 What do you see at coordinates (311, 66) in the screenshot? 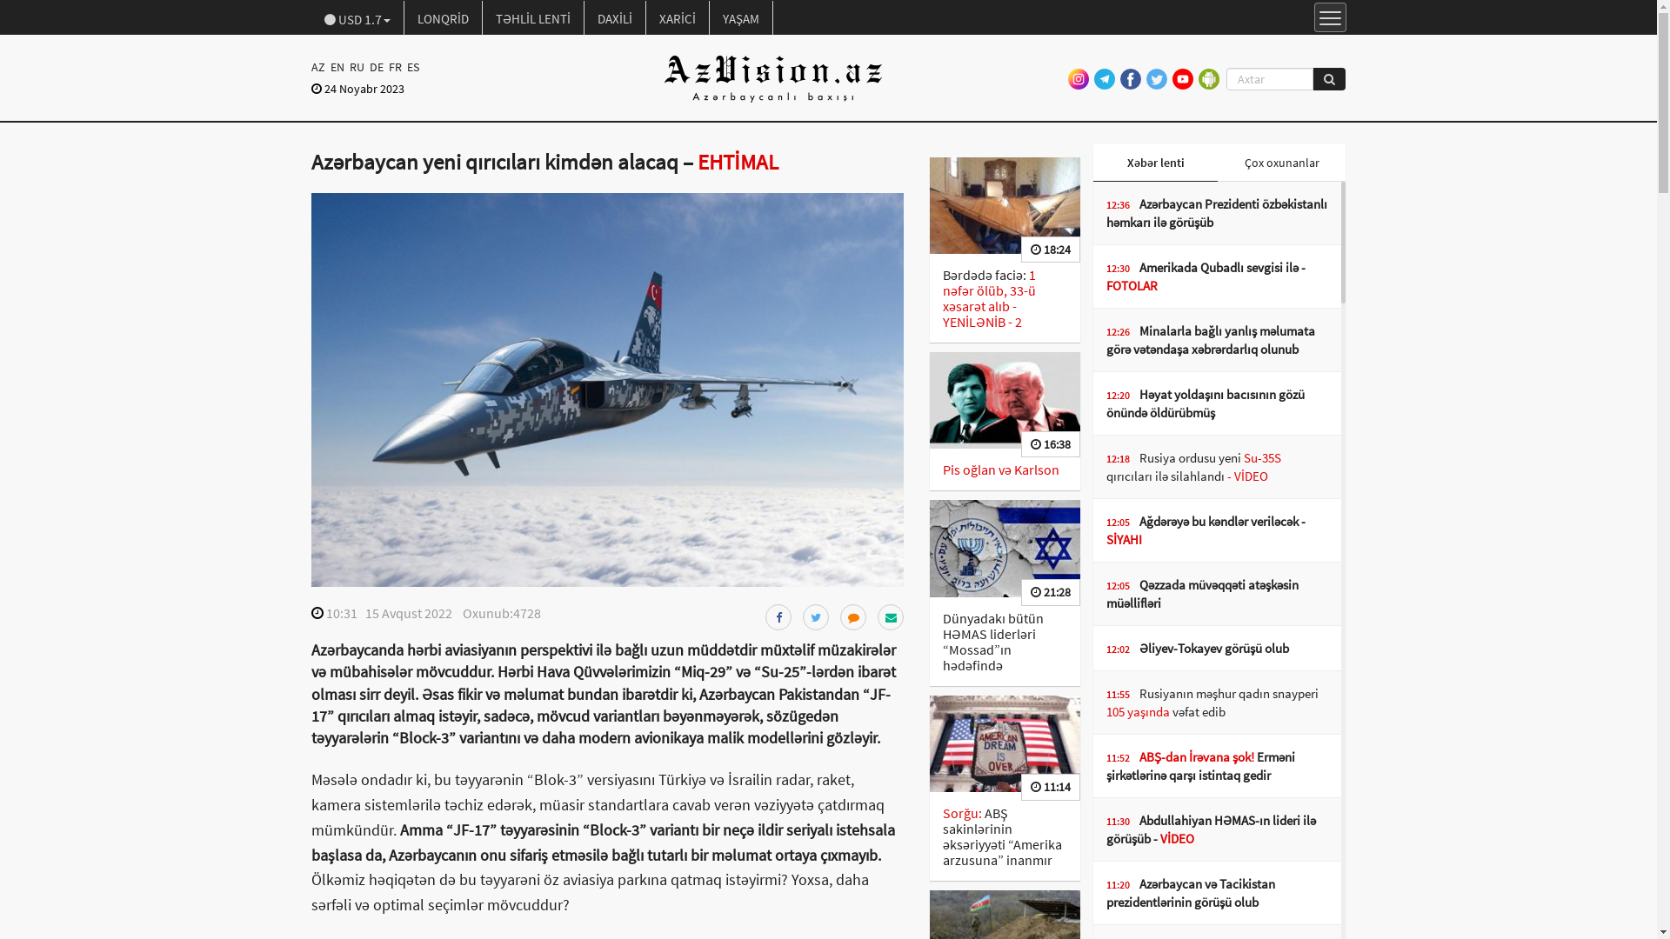
I see `'AZ'` at bounding box center [311, 66].